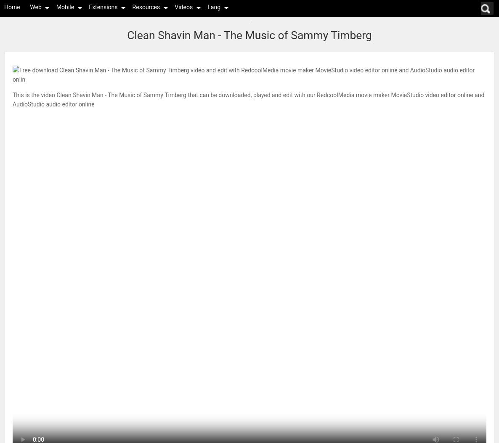  Describe the element at coordinates (248, 99) in the screenshot. I see `'This is the video Clean Shavin Man - The Music of Sammy Timberg that can be downloaded, played and edit with our RedcoolMedia movie maker MovieStudio video editor online and AudioStudio audio editor online'` at that location.